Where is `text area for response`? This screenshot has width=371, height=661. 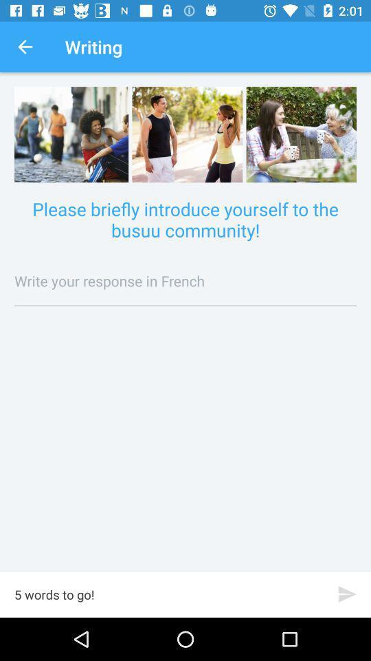
text area for response is located at coordinates (185, 280).